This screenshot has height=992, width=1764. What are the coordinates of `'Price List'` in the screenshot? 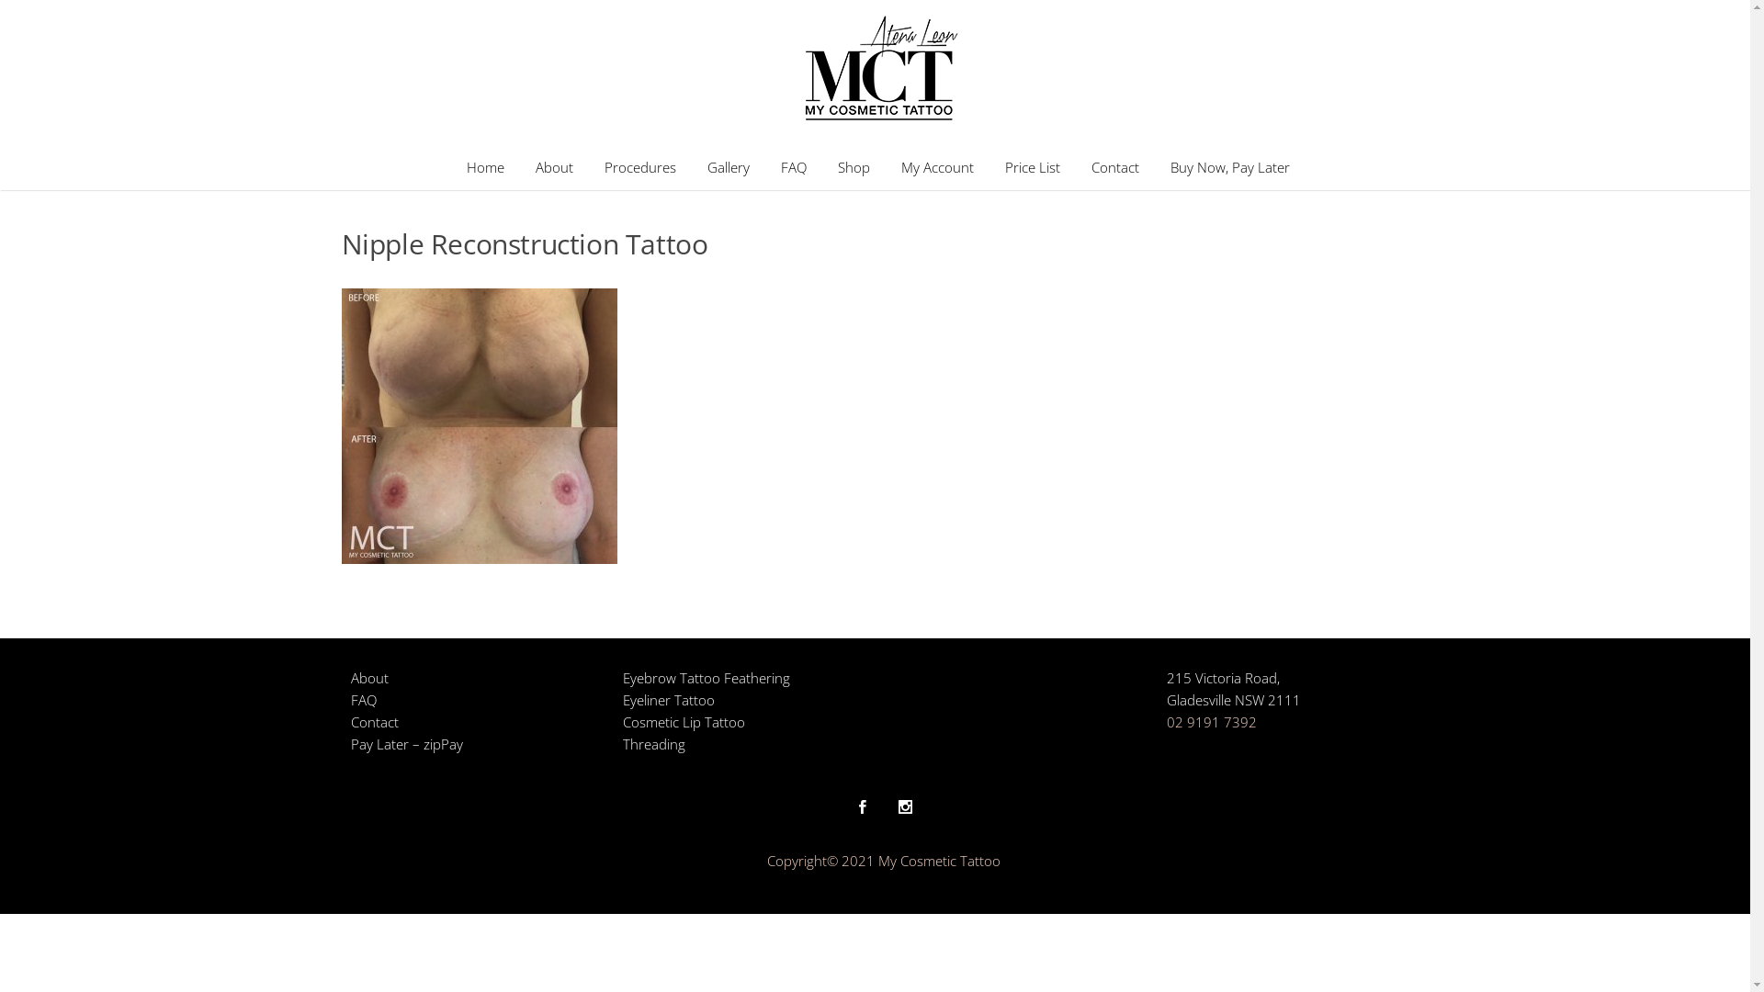 It's located at (990, 166).